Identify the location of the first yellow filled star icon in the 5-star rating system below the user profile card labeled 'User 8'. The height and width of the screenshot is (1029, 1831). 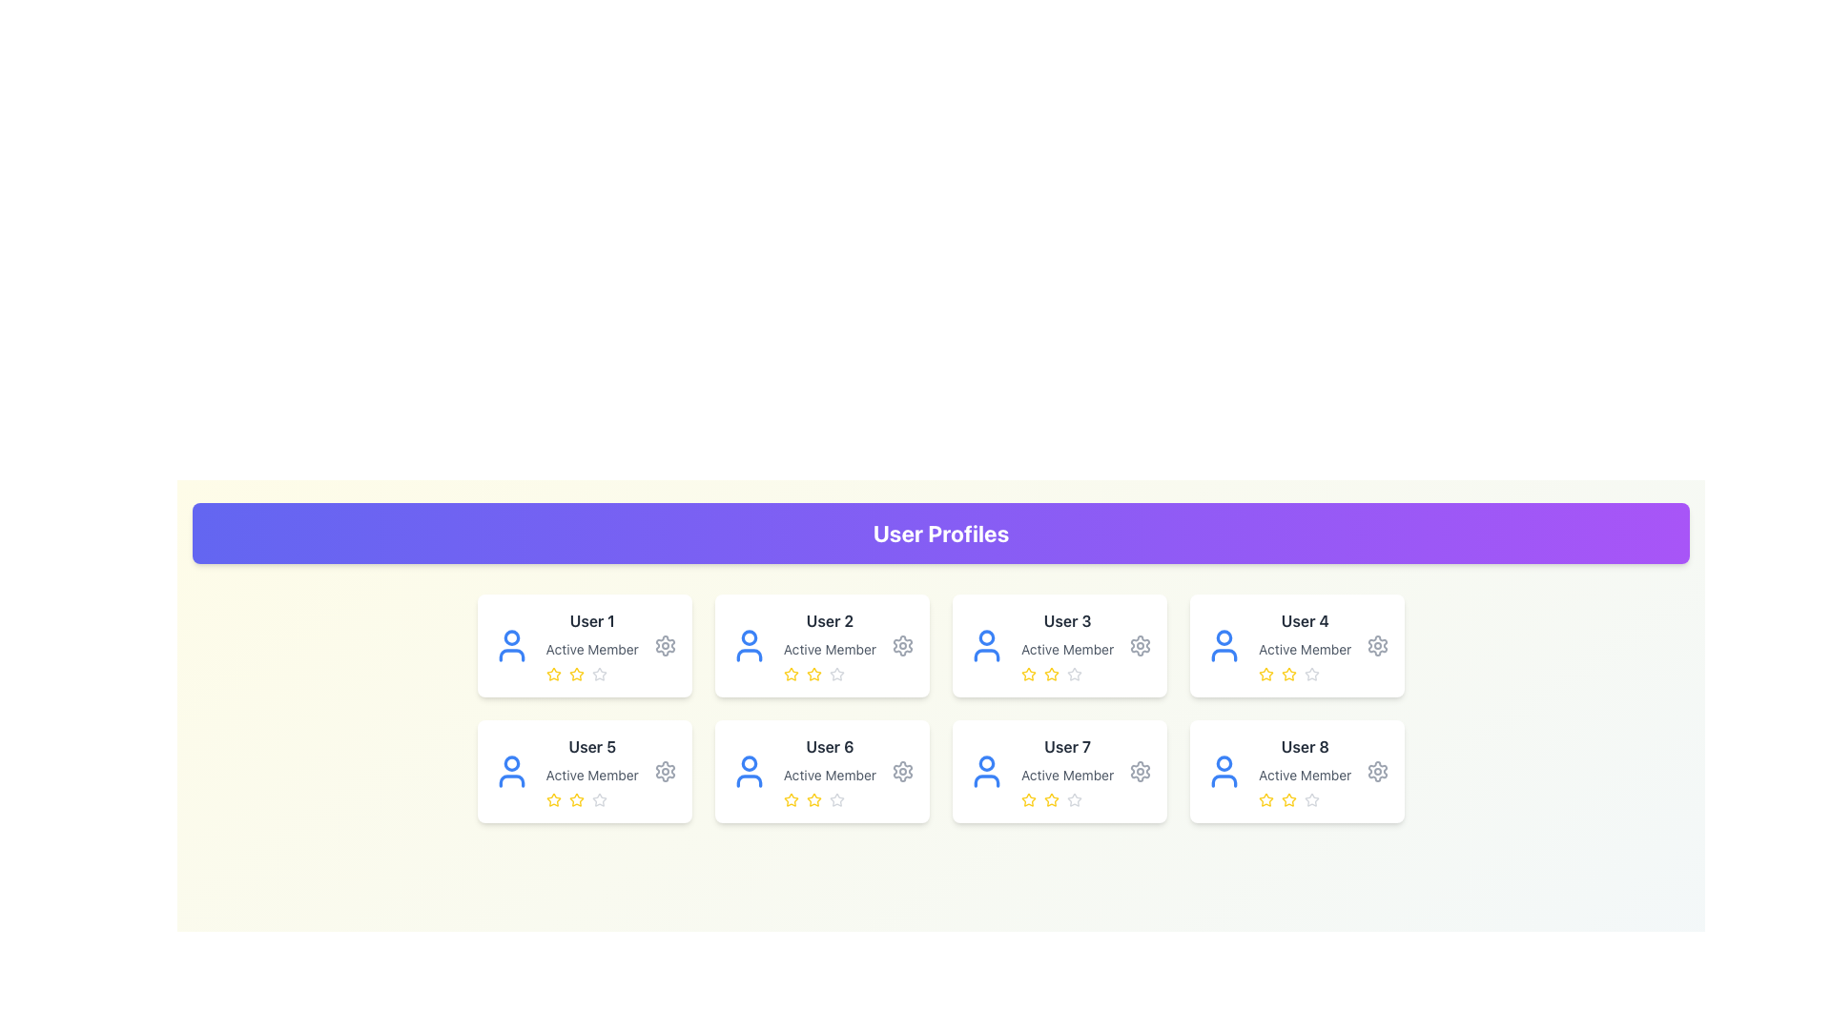
(1266, 799).